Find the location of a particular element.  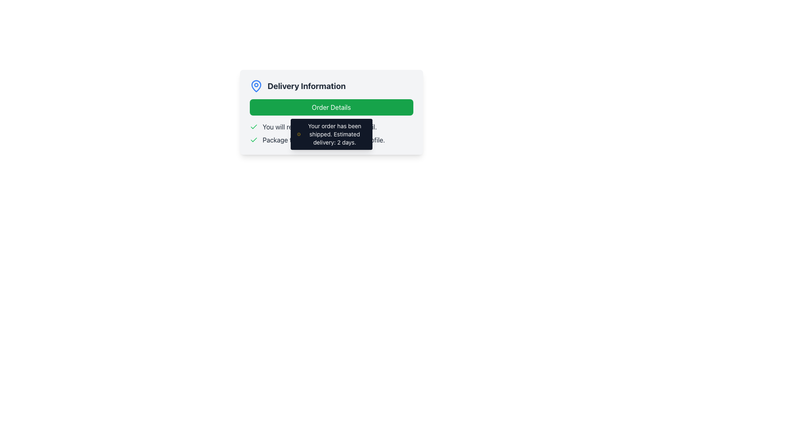

the green checkmark icon indicating confirmation in the delivery status card, located to the left of the text 'Package tracking available in your profile.' is located at coordinates (253, 140).